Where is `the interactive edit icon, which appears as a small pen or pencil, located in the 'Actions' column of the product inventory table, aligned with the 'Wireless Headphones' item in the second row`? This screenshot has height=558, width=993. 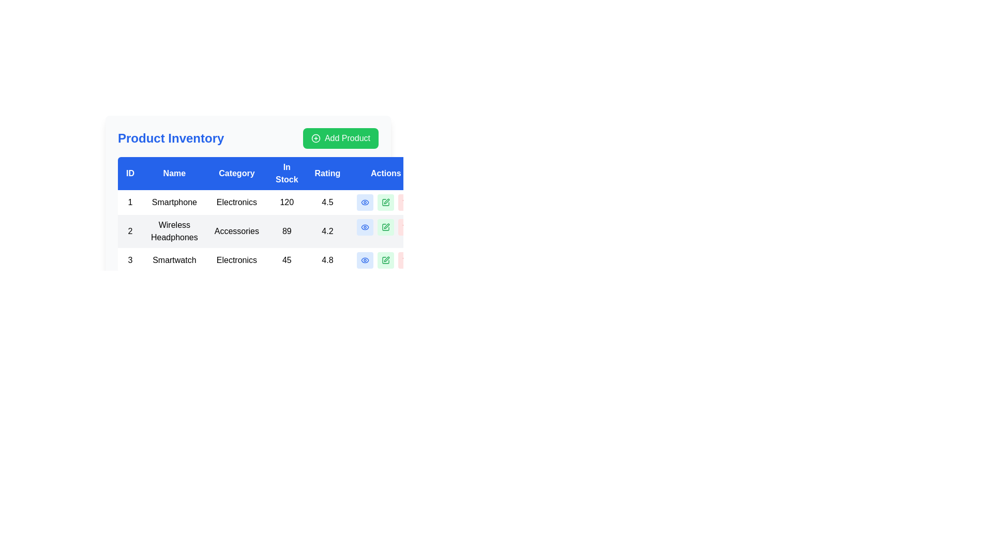 the interactive edit icon, which appears as a small pen or pencil, located in the 'Actions' column of the product inventory table, aligned with the 'Wireless Headphones' item in the second row is located at coordinates (386, 226).